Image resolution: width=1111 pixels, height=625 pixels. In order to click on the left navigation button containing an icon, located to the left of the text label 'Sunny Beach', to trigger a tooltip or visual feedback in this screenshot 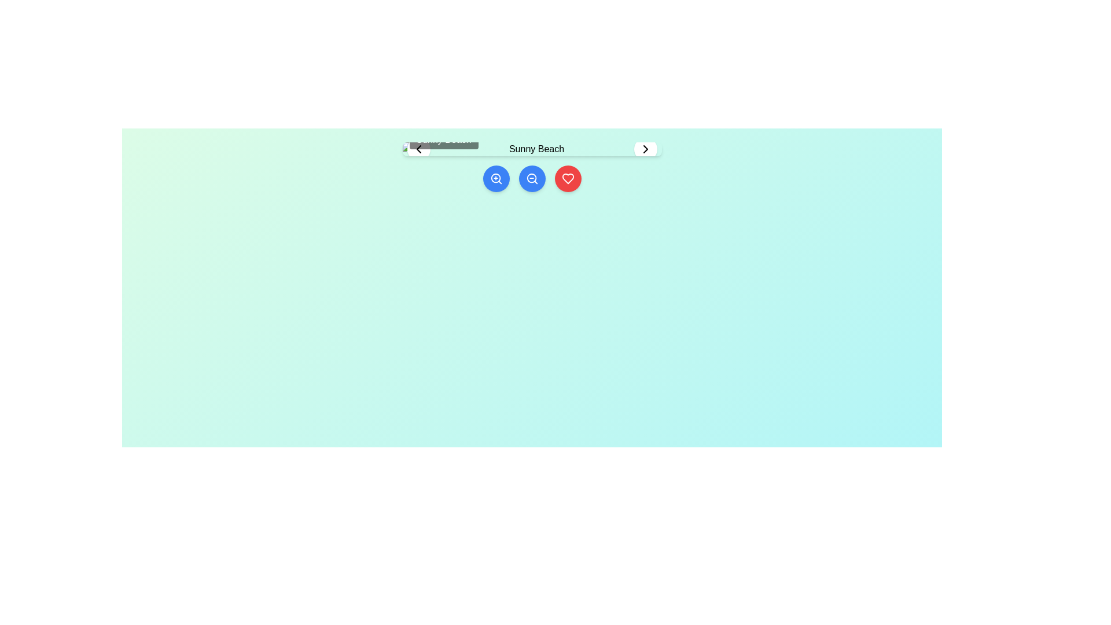, I will do `click(418, 149)`.